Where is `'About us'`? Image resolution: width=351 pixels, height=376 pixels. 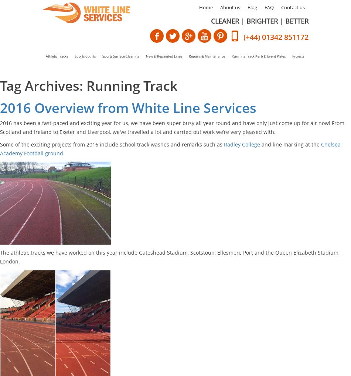 'About us' is located at coordinates (230, 7).